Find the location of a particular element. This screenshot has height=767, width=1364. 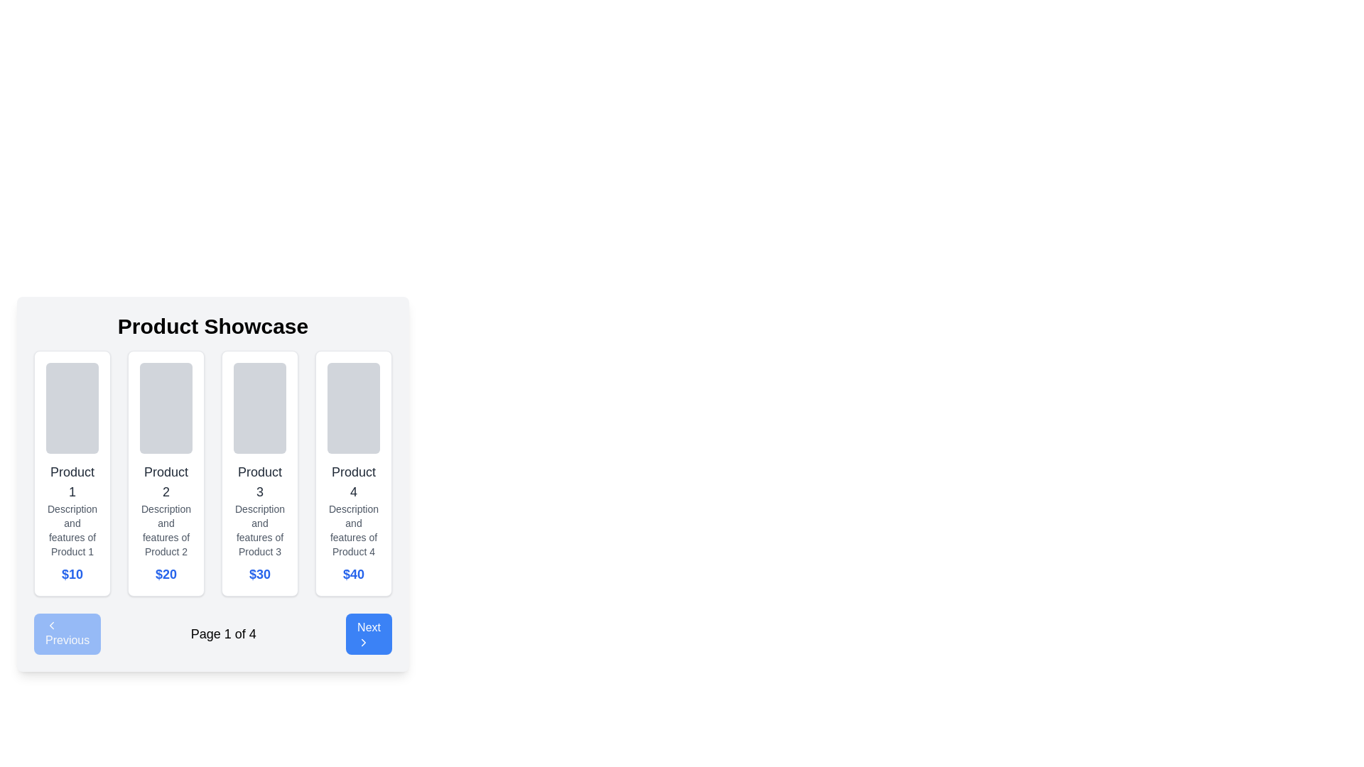

price displayed as '$20' in bold blue text located at the bottom of the second product card, beneath the description text of 'Description and features of Product 2.' is located at coordinates (166, 574).